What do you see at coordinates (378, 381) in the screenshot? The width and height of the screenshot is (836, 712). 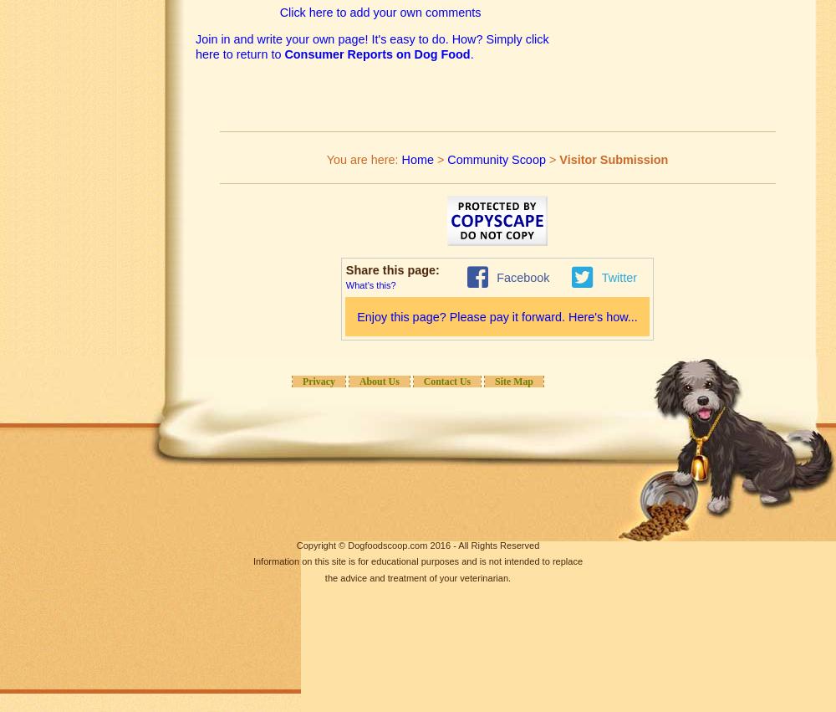 I see `'About Us'` at bounding box center [378, 381].